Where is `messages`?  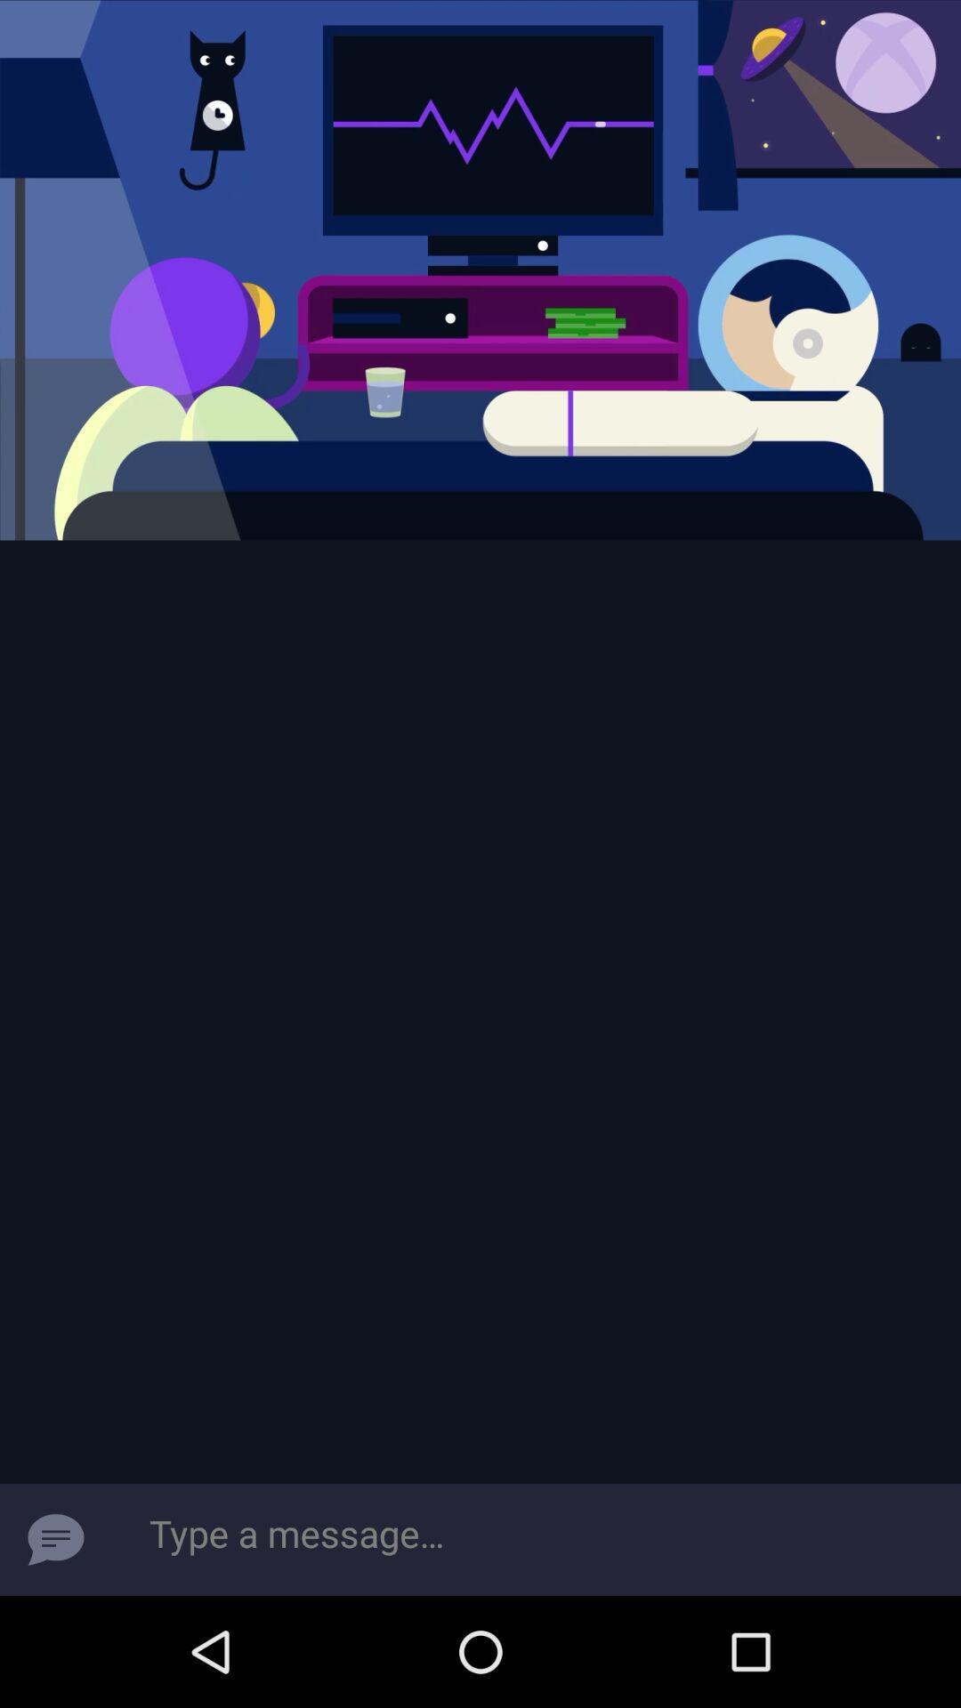
messages is located at coordinates (54, 1539).